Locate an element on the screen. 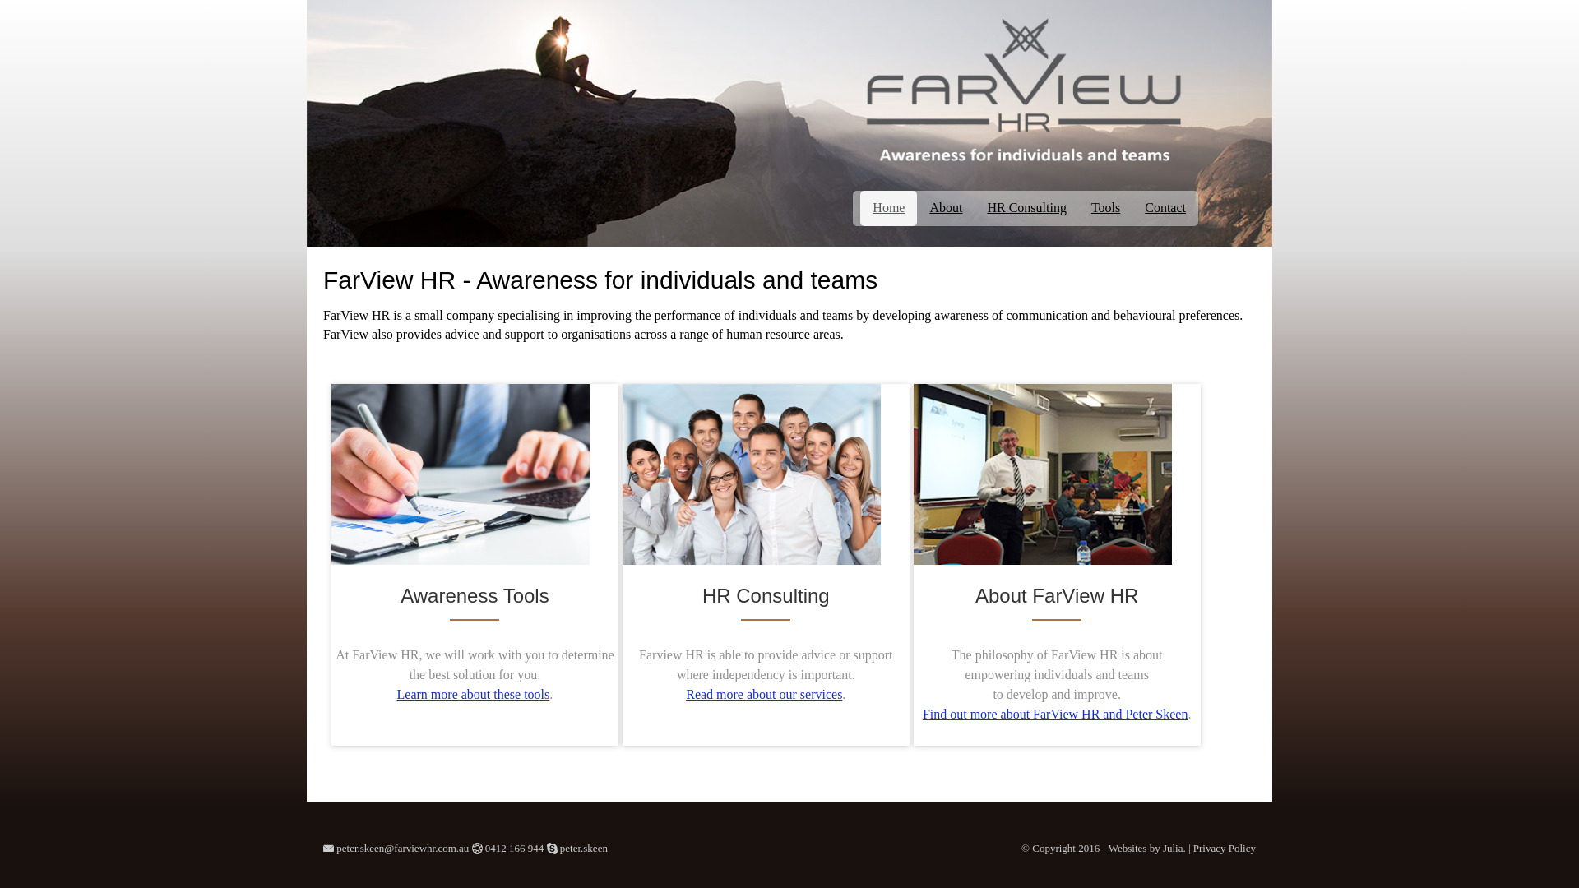  'Tools' is located at coordinates (1078, 207).